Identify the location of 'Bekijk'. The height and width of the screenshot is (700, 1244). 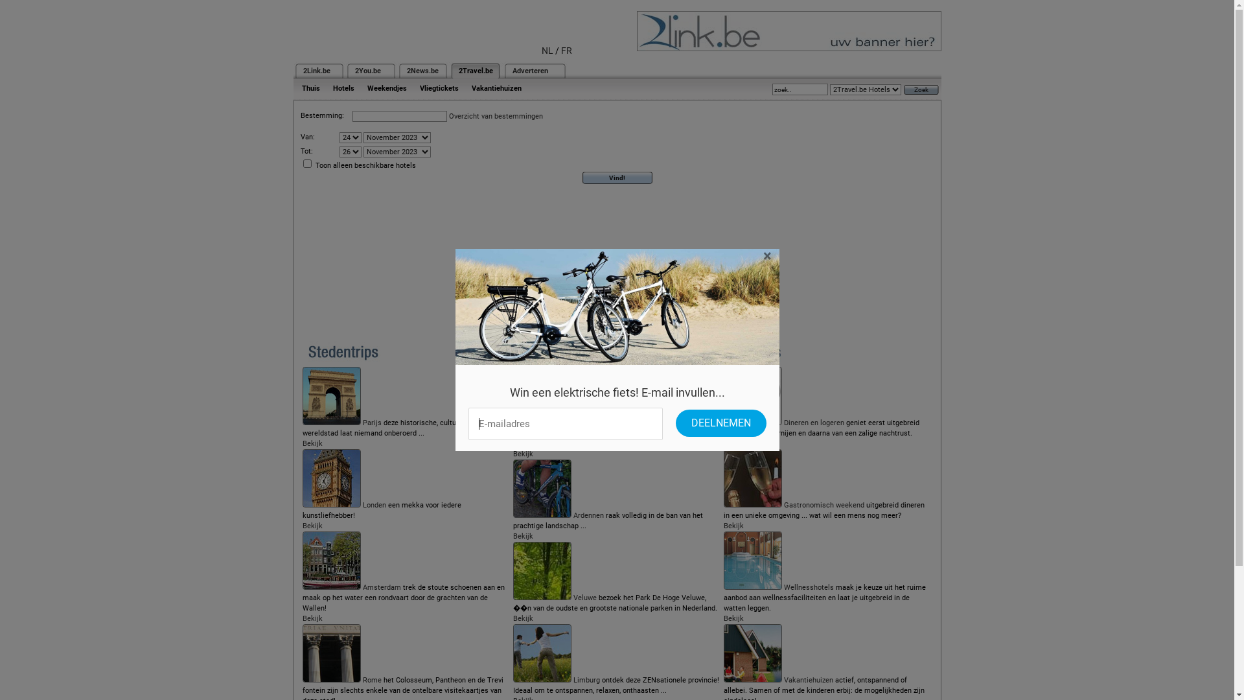
(312, 526).